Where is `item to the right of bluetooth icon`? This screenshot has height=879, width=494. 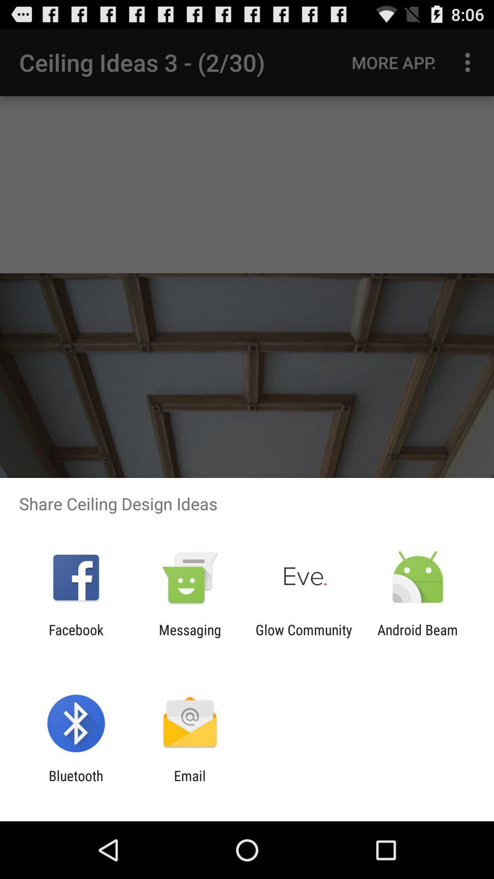
item to the right of bluetooth icon is located at coordinates (189, 783).